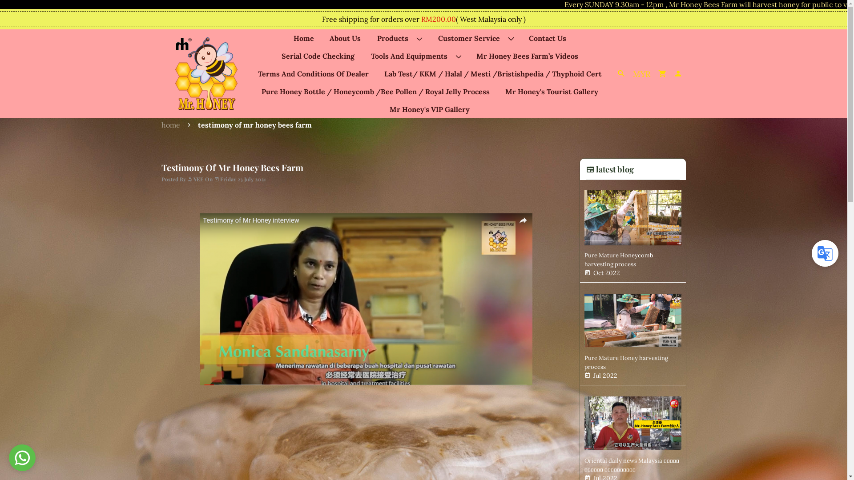 This screenshot has height=480, width=854. Describe the element at coordinates (399, 37) in the screenshot. I see `'Products'` at that location.